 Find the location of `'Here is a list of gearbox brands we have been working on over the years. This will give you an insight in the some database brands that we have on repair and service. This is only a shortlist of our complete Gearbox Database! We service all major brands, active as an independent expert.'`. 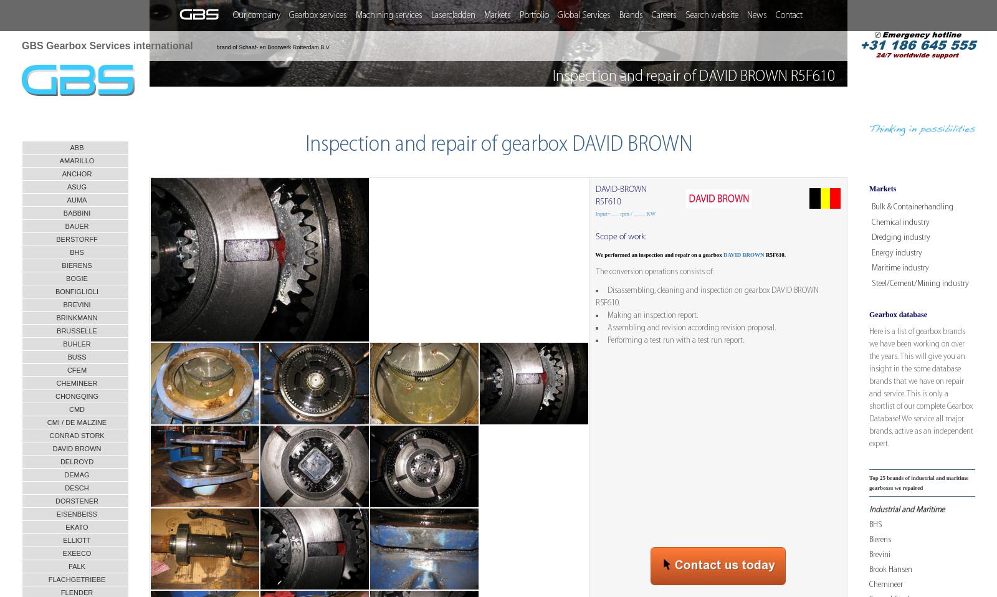

'Here is a list of gearbox brands we have been working on over the years. This will give you an insight in the some database brands that we have on repair and service. This is only a shortlist of our complete Gearbox Database! We service all major brands, active as an independent expert.' is located at coordinates (921, 387).